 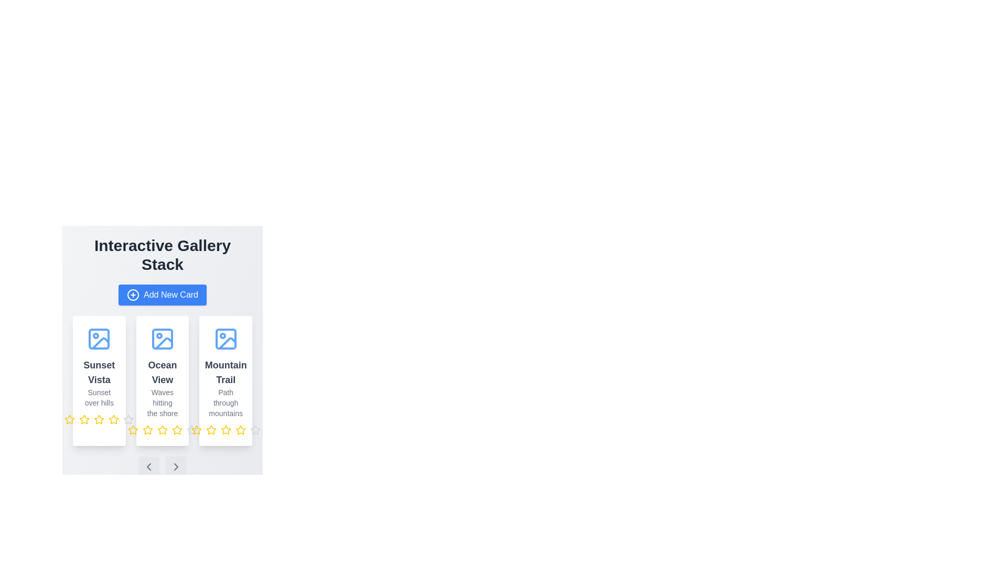 What do you see at coordinates (177, 430) in the screenshot?
I see `from the center of the sixth yellow star icon` at bounding box center [177, 430].